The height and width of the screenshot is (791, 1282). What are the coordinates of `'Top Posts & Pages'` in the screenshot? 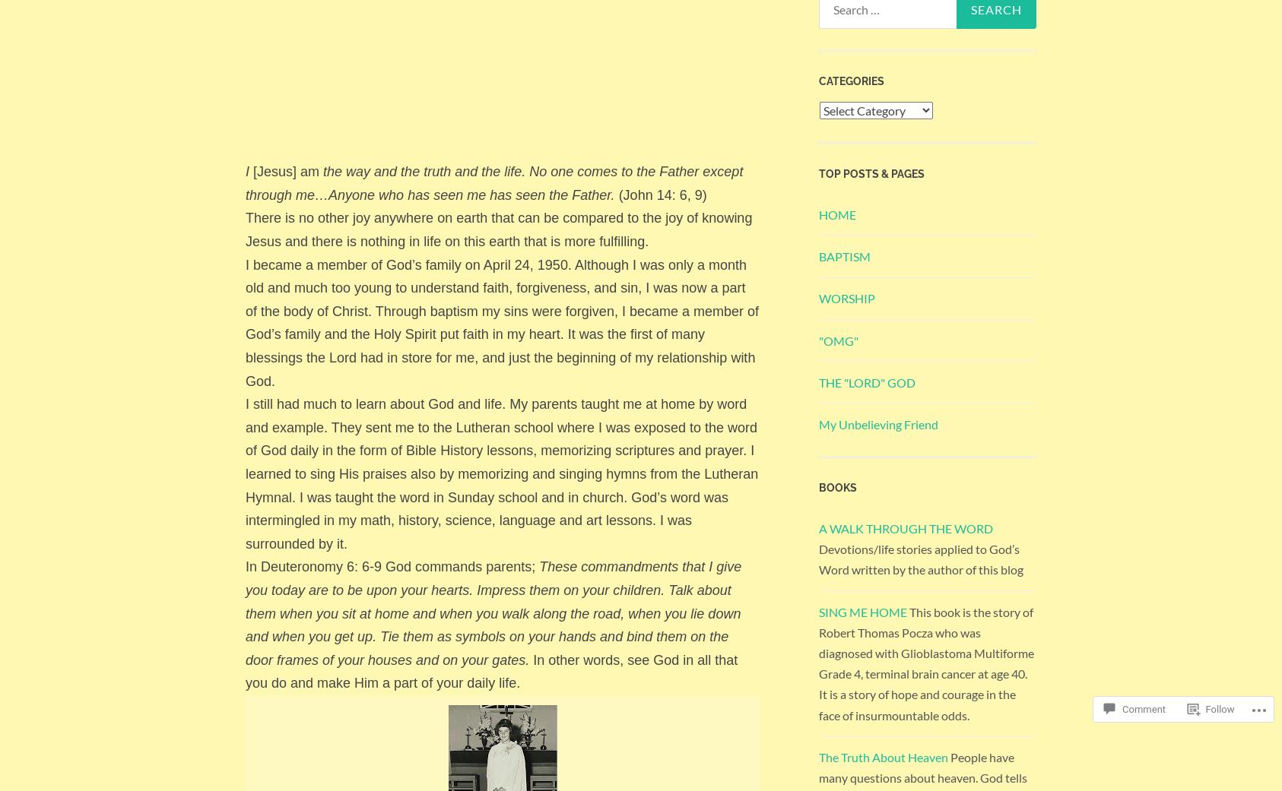 It's located at (819, 172).